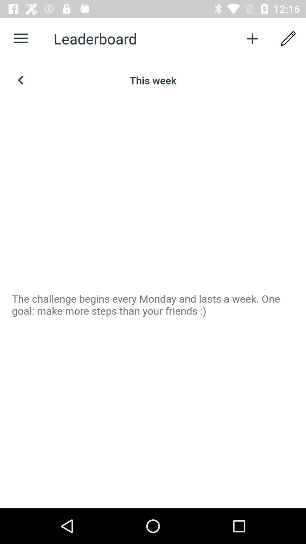 Image resolution: width=306 pixels, height=544 pixels. I want to click on item above the the challenge begins icon, so click(20, 80).